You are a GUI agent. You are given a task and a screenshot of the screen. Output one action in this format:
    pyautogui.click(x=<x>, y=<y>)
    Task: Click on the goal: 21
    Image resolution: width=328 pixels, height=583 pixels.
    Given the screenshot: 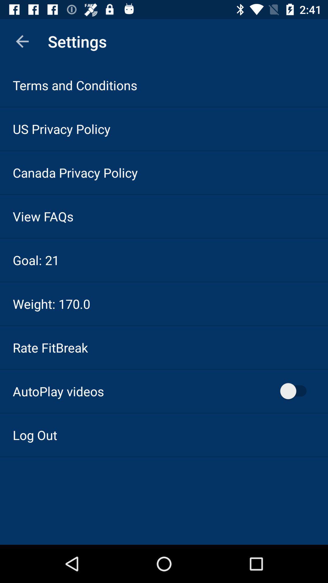 What is the action you would take?
    pyautogui.click(x=36, y=260)
    